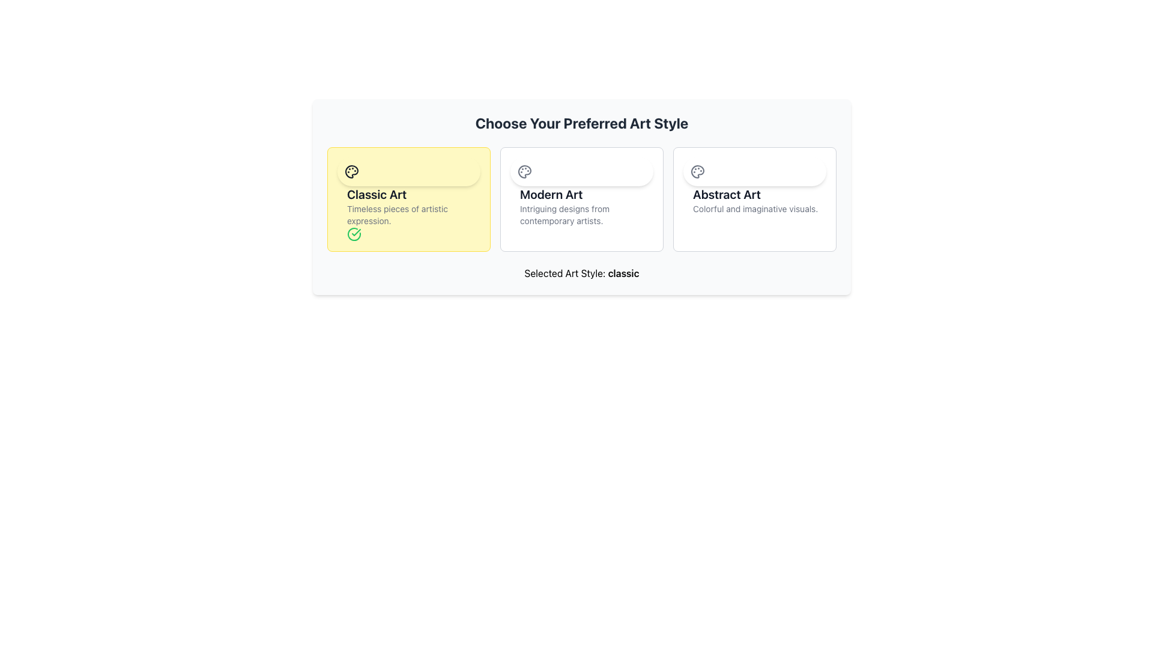 The image size is (1153, 649). I want to click on the visual state of the green checkmark icon located in the bottom-right area of the 'Classic Art' card option, which is highlighted by a yellow background, so click(356, 232).